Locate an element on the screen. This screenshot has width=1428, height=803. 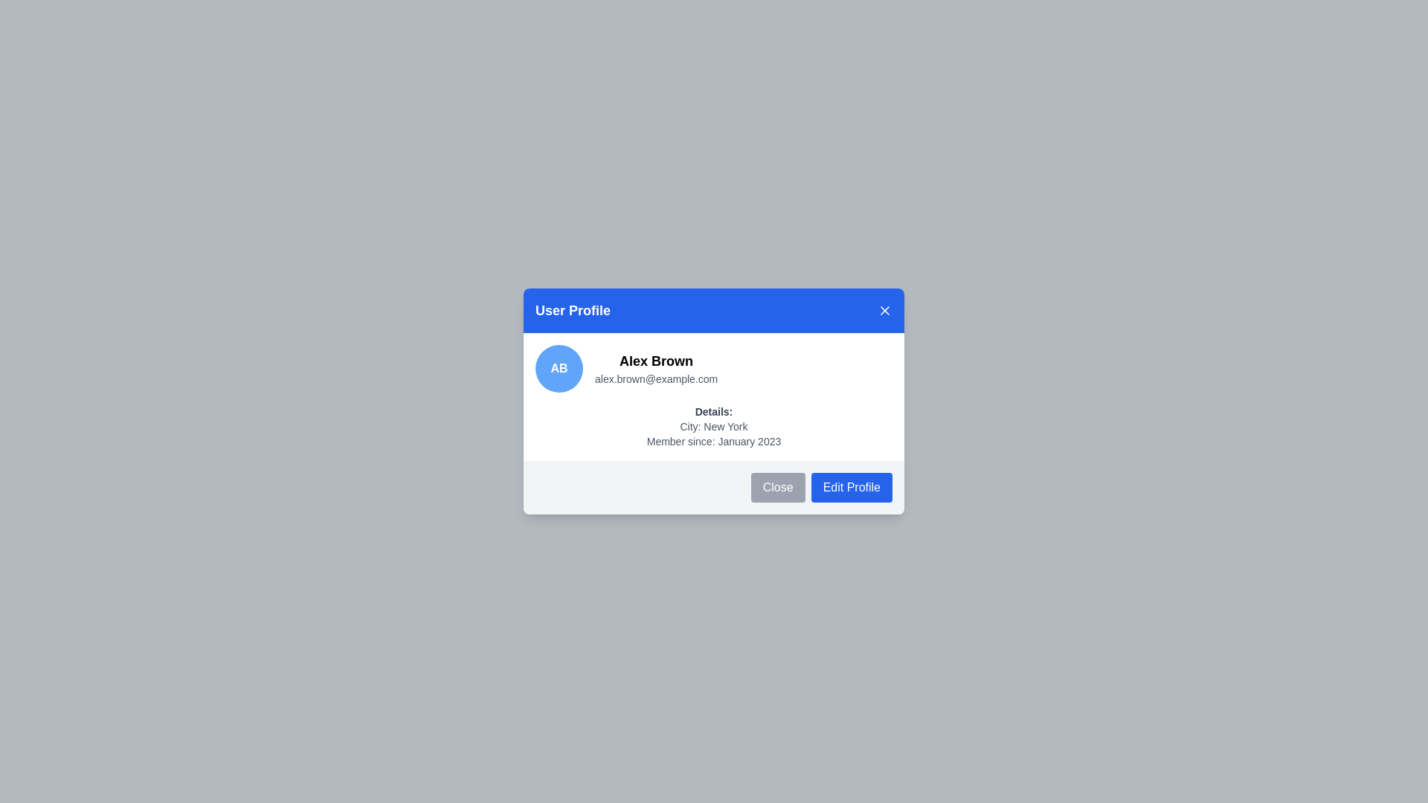
the button at the bottom-right corner of the user profile modal is located at coordinates (852, 487).